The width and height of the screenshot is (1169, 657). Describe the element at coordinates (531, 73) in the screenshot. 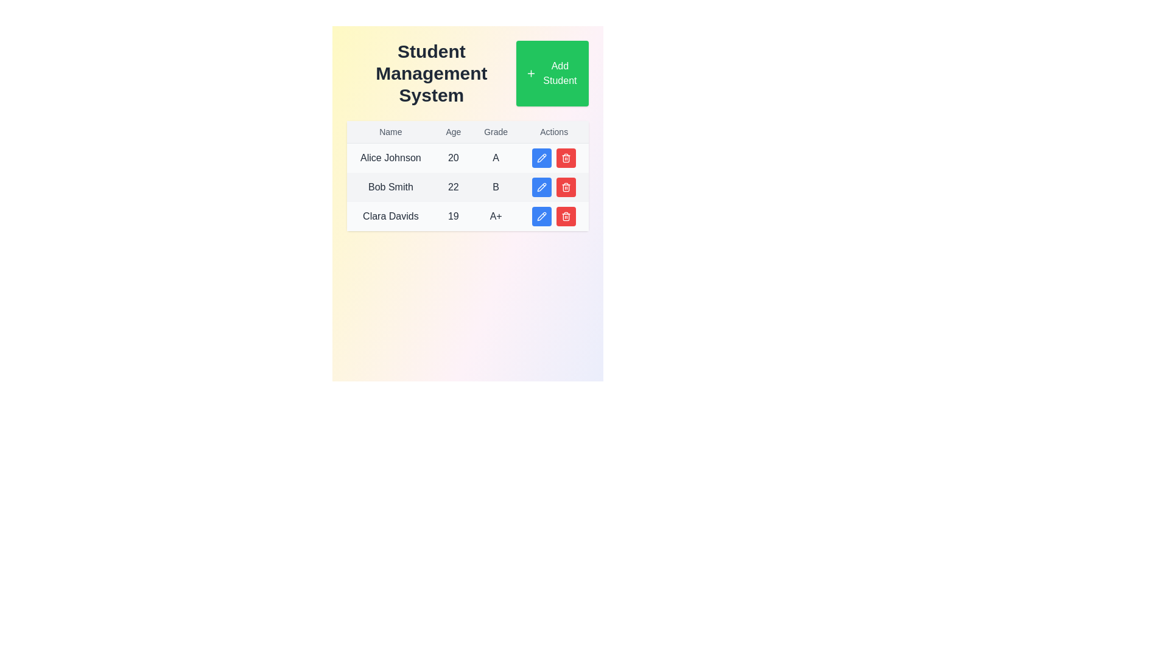

I see `the icon embedded in the green 'Add Student' button located at the top-right of the layout, which visually indicates the functionality to add a new student` at that location.